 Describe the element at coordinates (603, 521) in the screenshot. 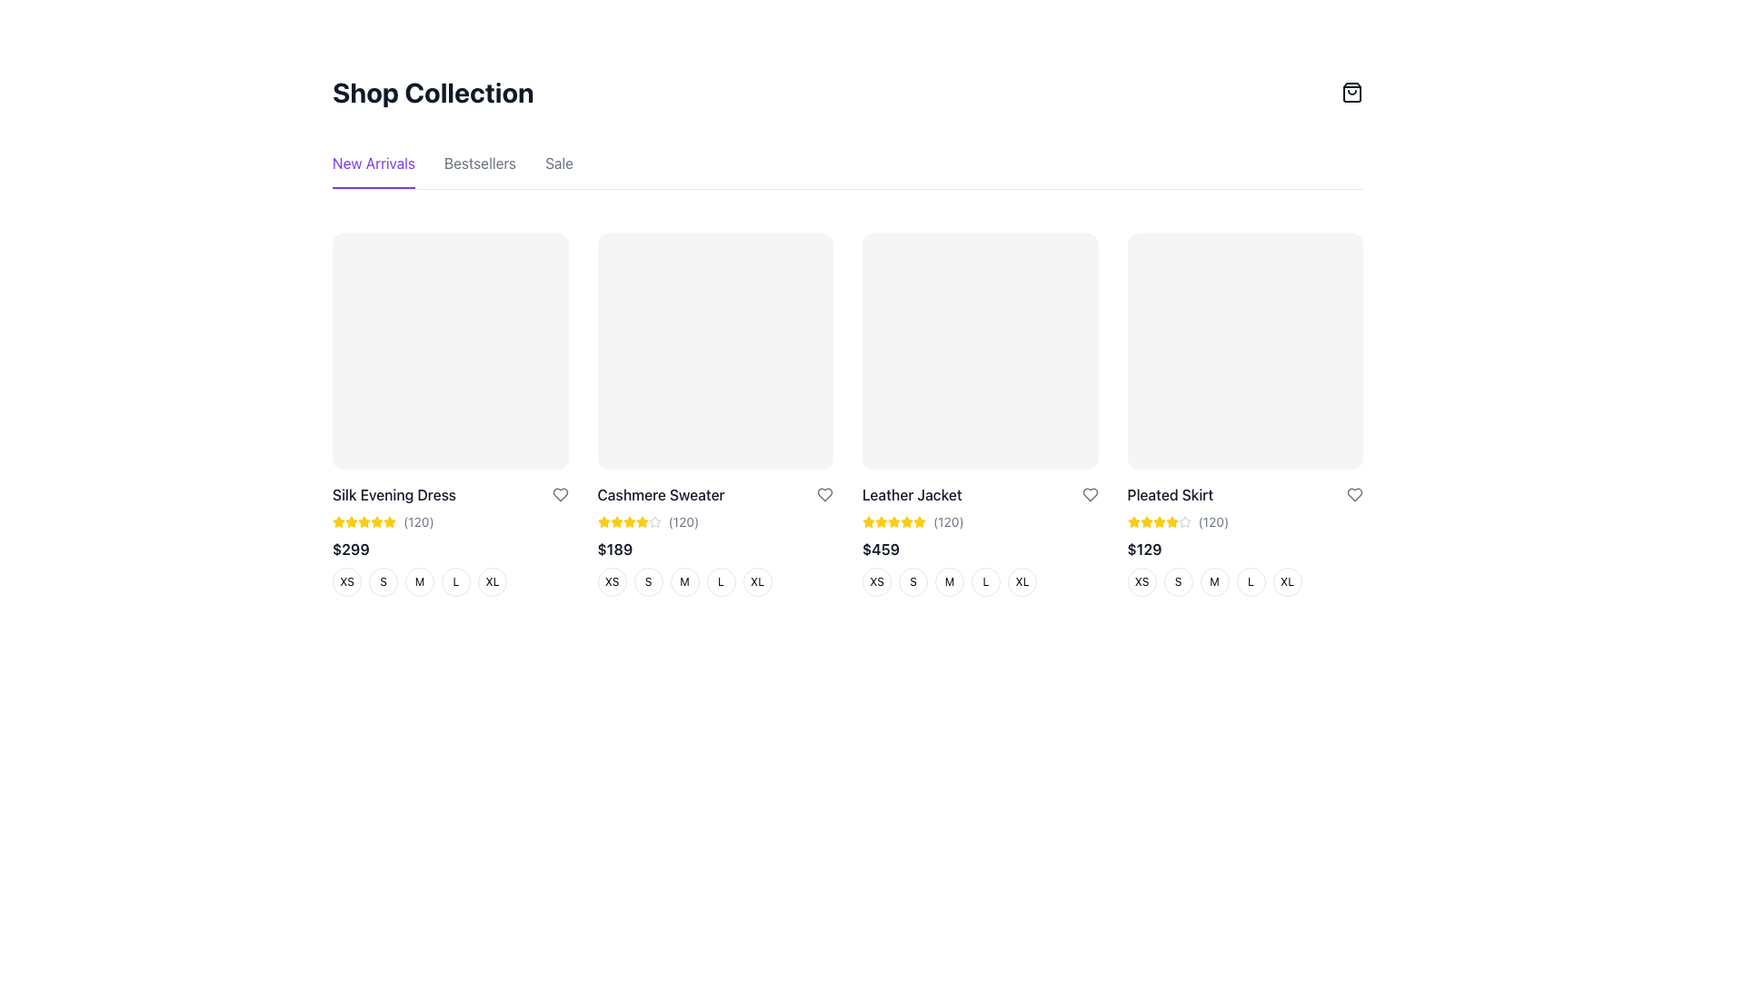

I see `the first star icon in the rating system located below 'Cashmere Sweater' and above '$189'` at that location.